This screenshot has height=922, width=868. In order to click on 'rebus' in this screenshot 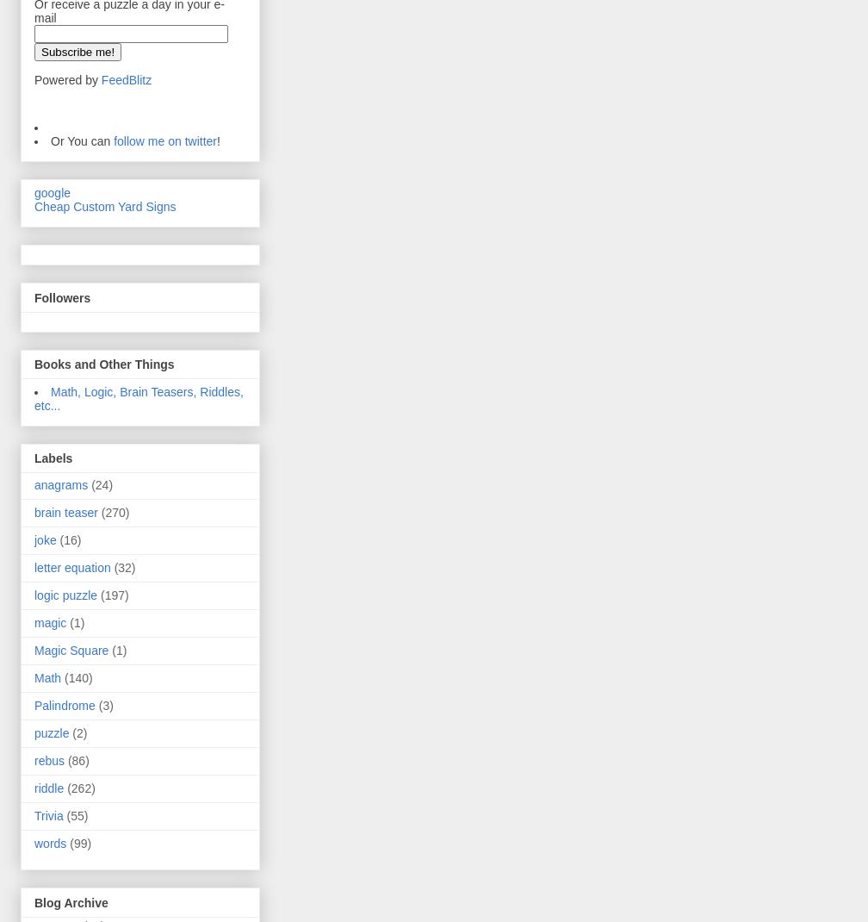, I will do `click(49, 760)`.